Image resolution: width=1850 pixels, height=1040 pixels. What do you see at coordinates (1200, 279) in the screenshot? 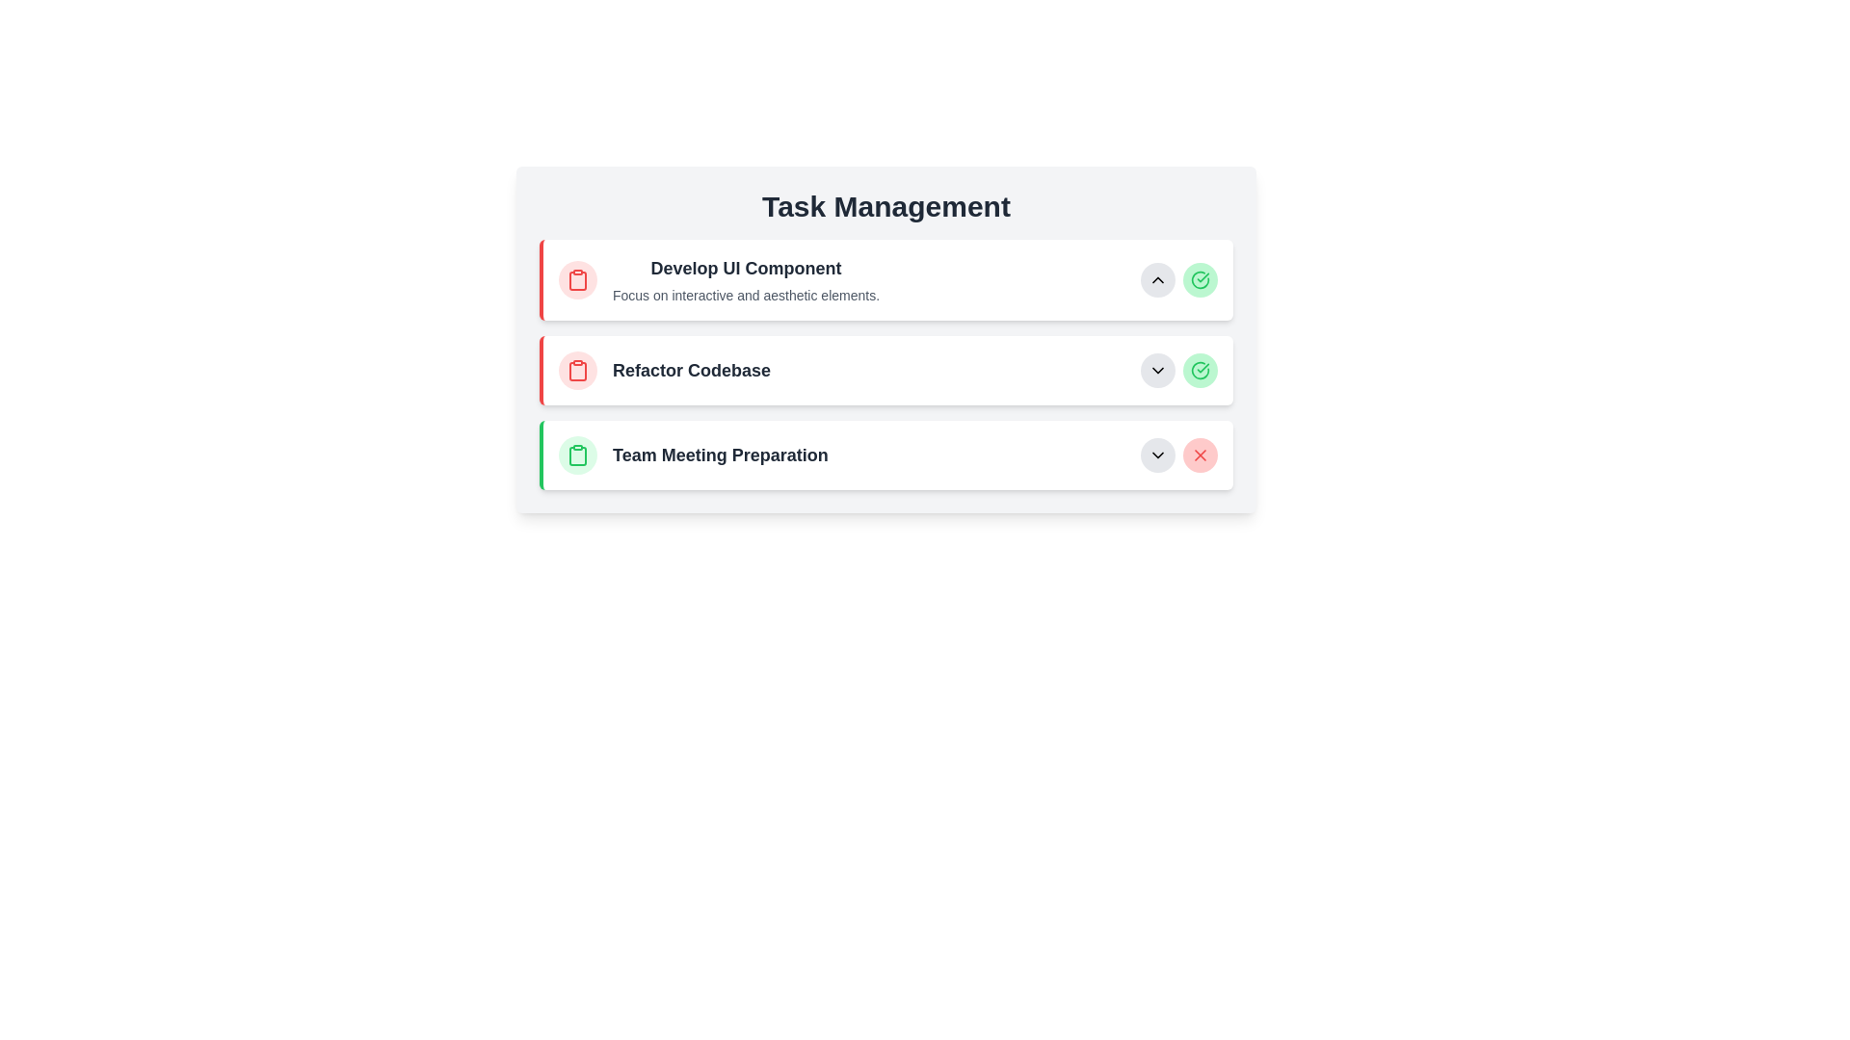
I see `the circular icon with a checkmark inside, located in the top-right corner of the first task panel under 'Task Management', indicating completion for the task titled 'Develop UI Component'` at bounding box center [1200, 279].